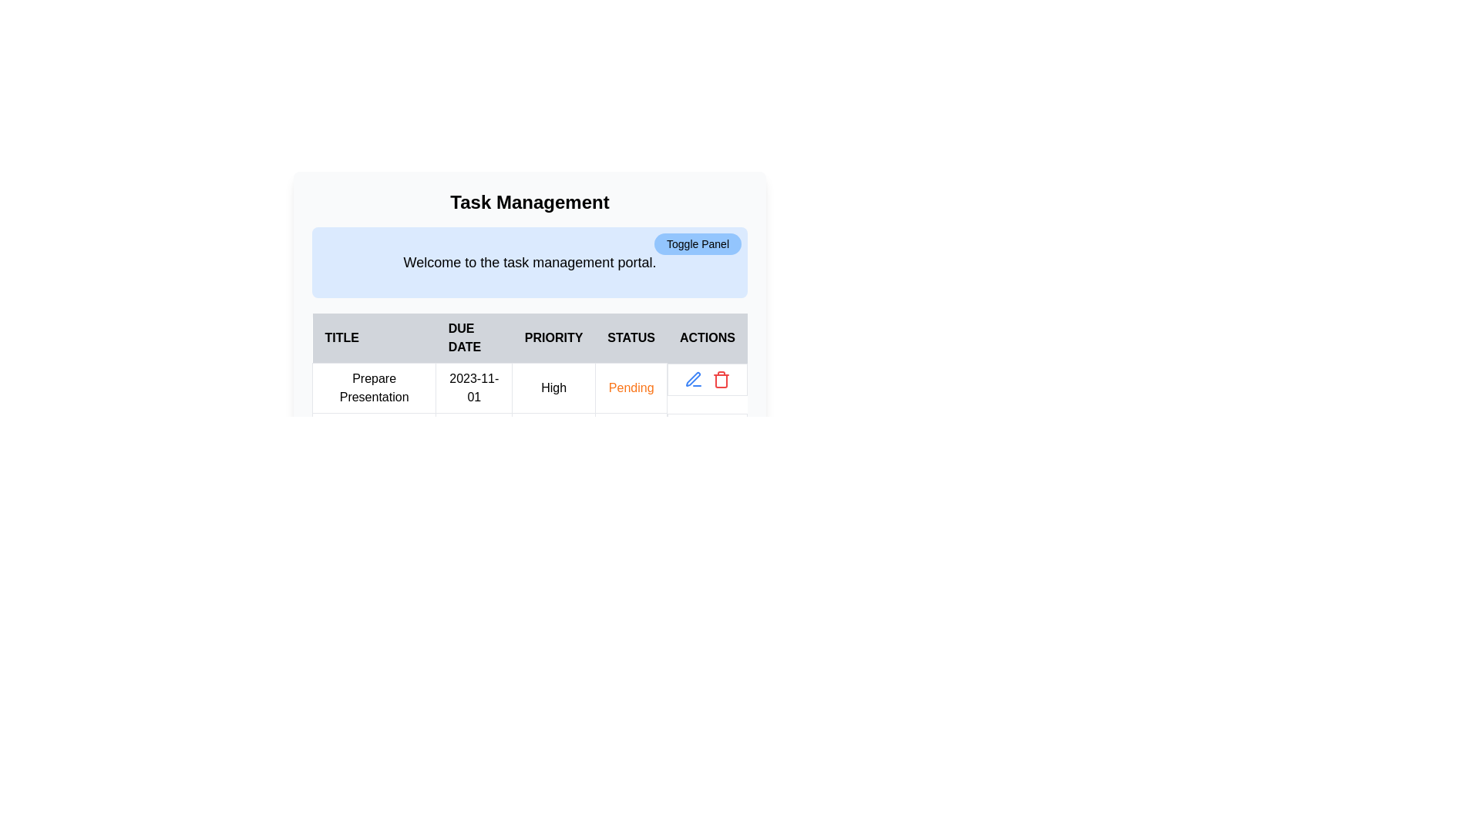 This screenshot has width=1480, height=832. What do you see at coordinates (697, 243) in the screenshot?
I see `the rounded rectangular button with a light blue background and the text 'Toggle Panel'` at bounding box center [697, 243].